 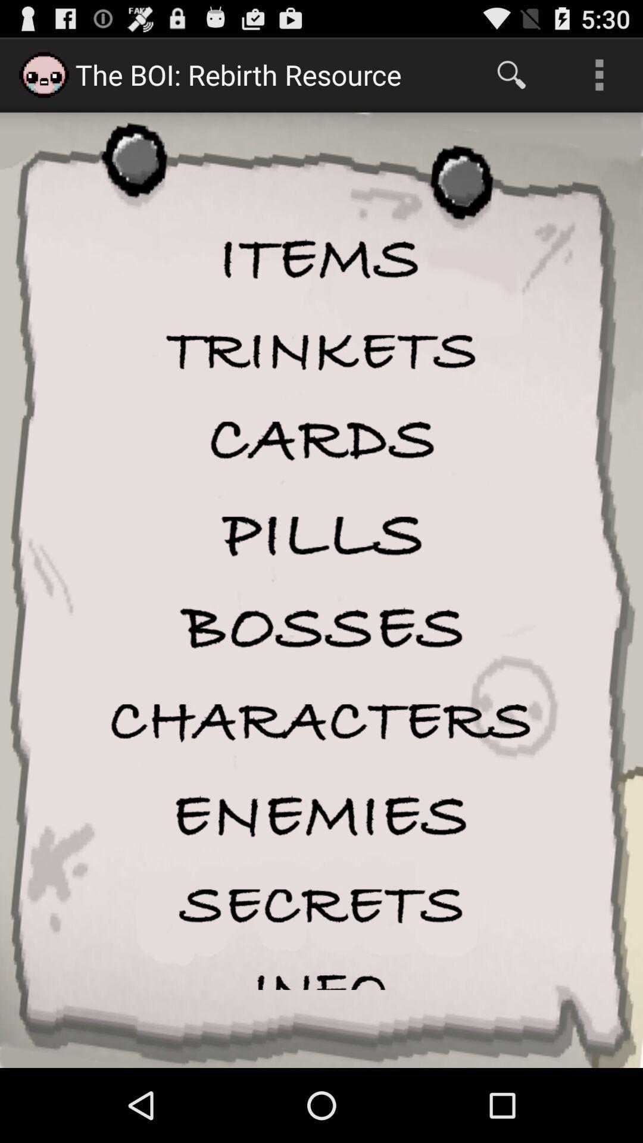 What do you see at coordinates (321, 722) in the screenshot?
I see `characters button` at bounding box center [321, 722].